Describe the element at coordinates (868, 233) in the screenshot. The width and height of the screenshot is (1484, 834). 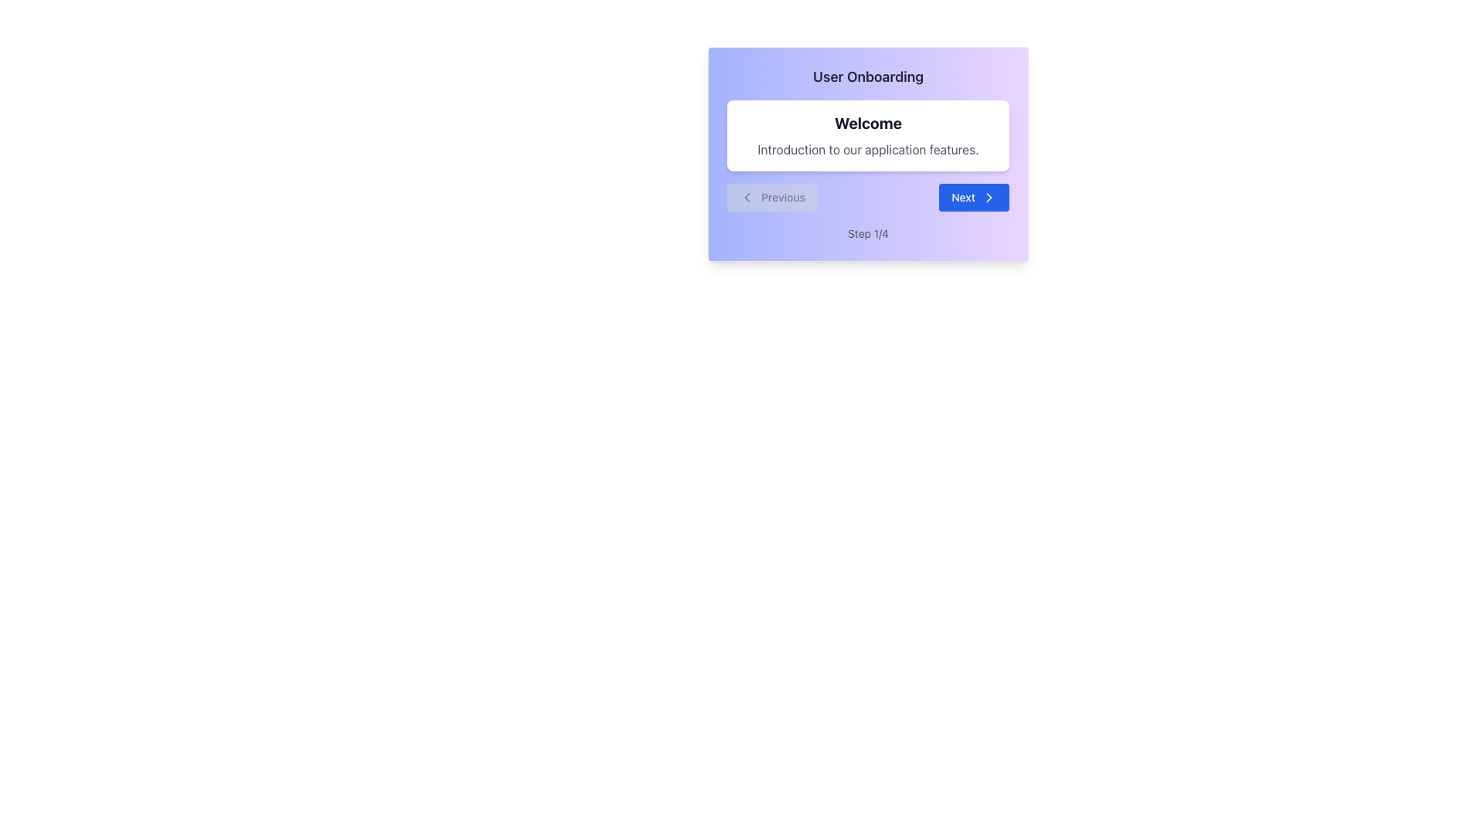
I see `the step indicator text displaying 'Step 1 of 4' located centrally under the 'Previous' and 'Next' buttons in the modal dialog box` at that location.